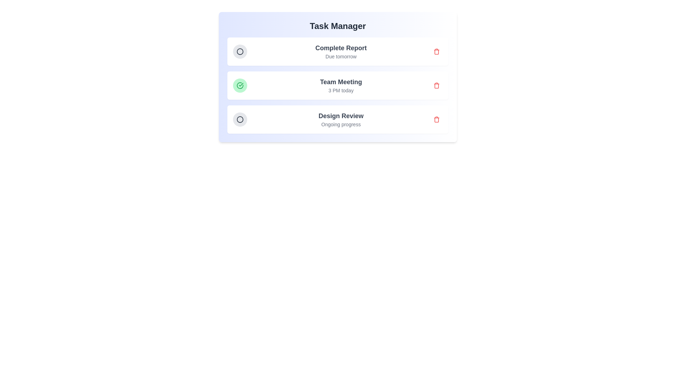 The width and height of the screenshot is (680, 382). Describe the element at coordinates (338, 25) in the screenshot. I see `the 'Task Manager' title text label, which is prominently displayed in bold and large font at the top of the card-like interface` at that location.